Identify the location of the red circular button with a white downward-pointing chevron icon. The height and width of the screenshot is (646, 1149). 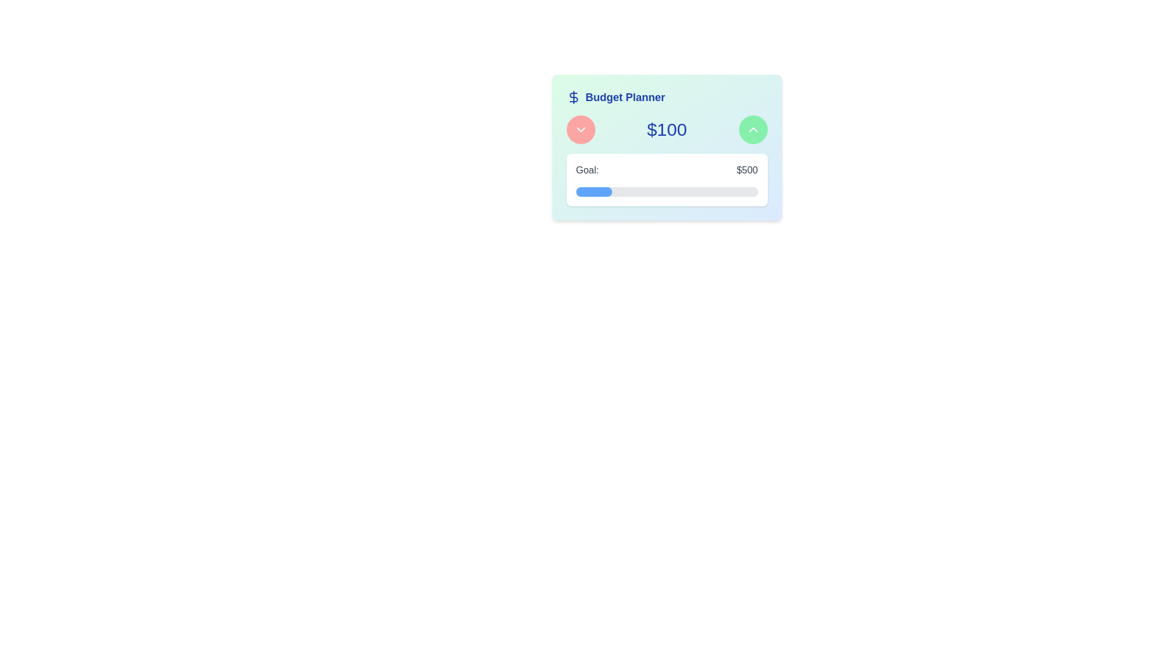
(580, 129).